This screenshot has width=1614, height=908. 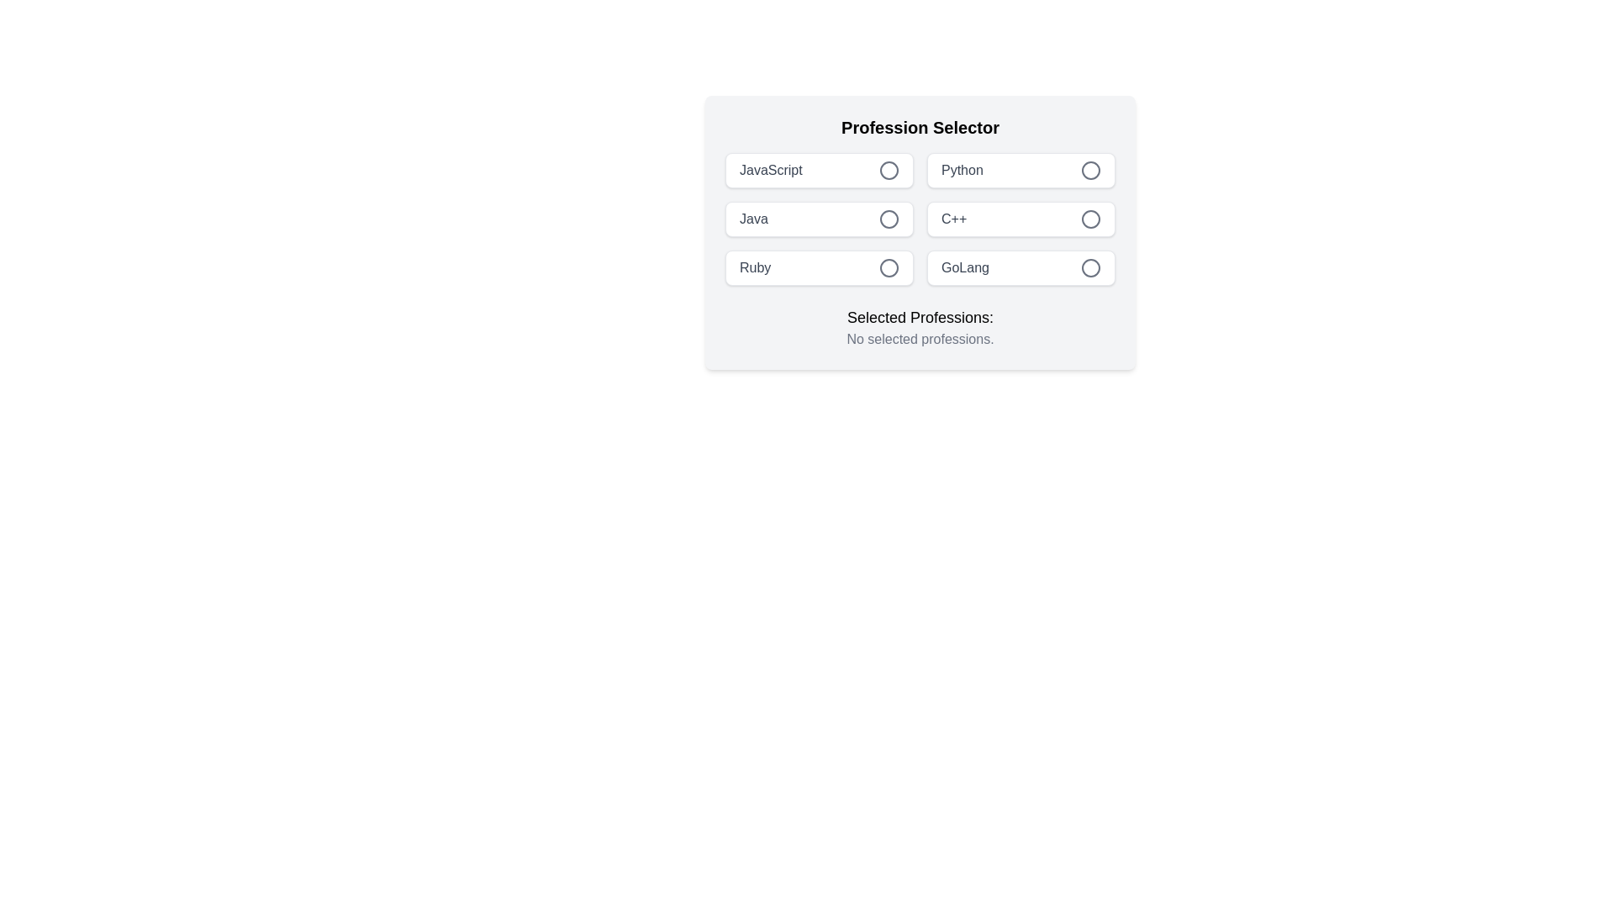 What do you see at coordinates (1090, 267) in the screenshot?
I see `the circular radio button next to the 'GoLang' option` at bounding box center [1090, 267].